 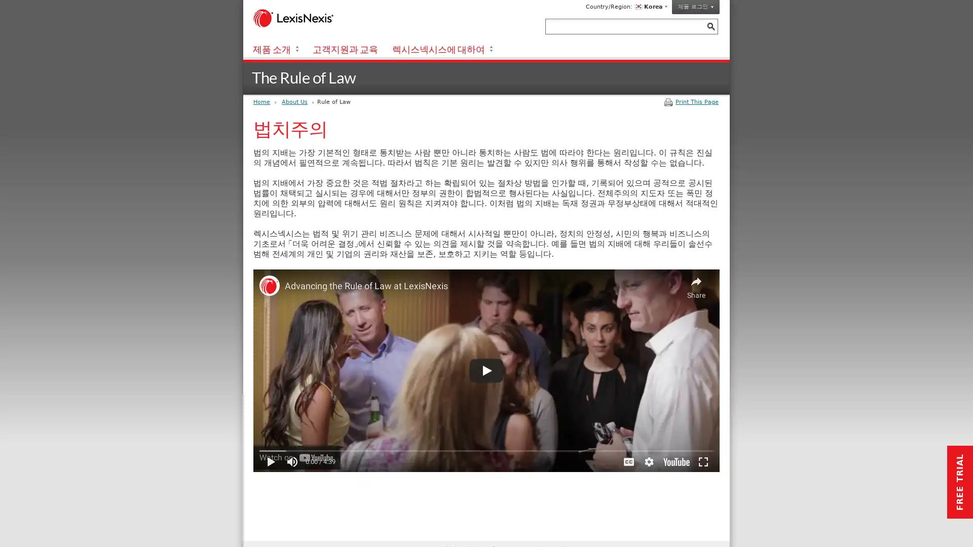 I want to click on Search, so click(x=710, y=26).